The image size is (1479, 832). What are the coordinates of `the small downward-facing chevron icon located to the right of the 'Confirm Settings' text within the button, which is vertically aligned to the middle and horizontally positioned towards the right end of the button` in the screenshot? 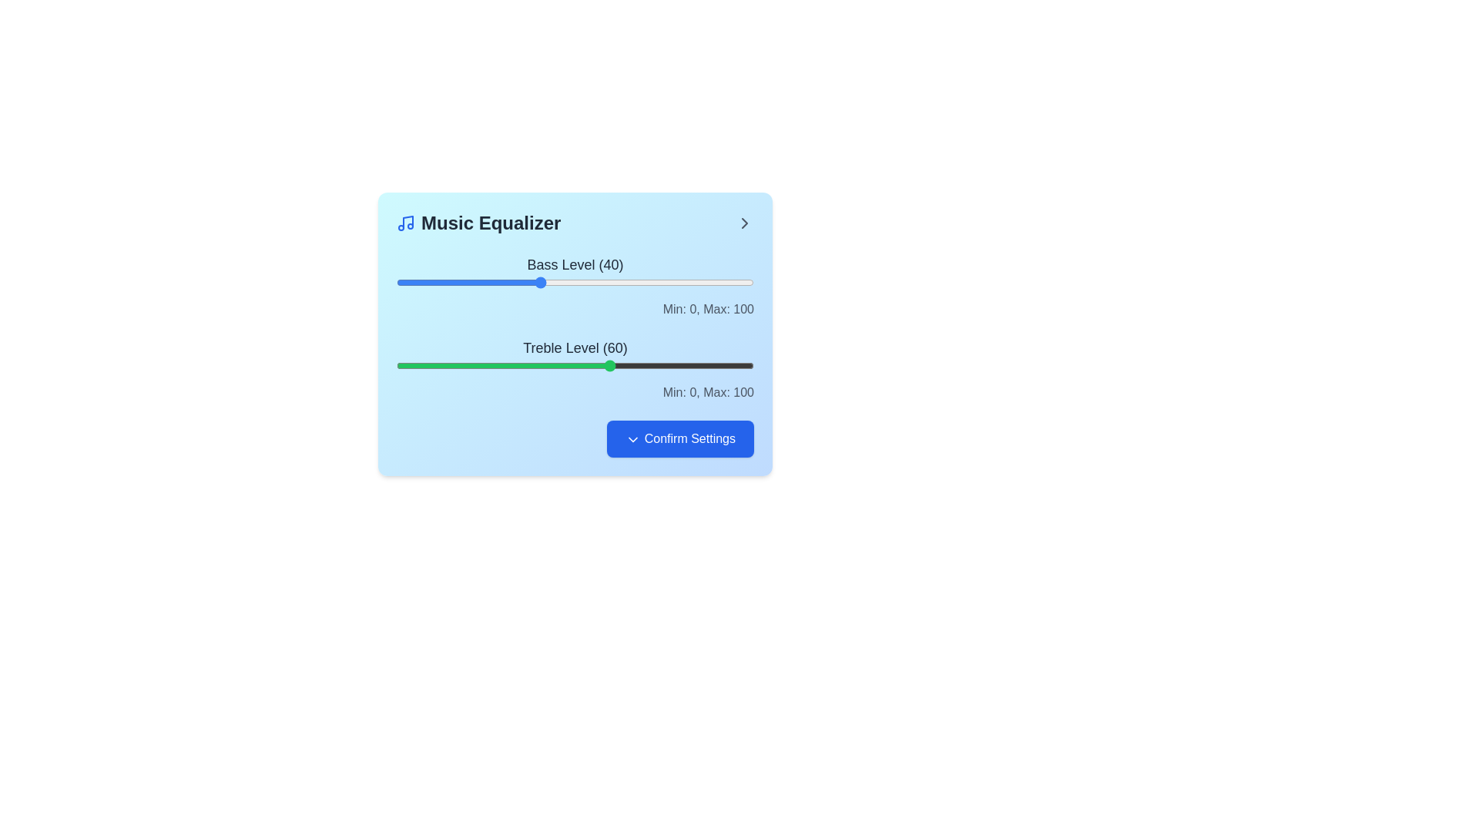 It's located at (632, 439).